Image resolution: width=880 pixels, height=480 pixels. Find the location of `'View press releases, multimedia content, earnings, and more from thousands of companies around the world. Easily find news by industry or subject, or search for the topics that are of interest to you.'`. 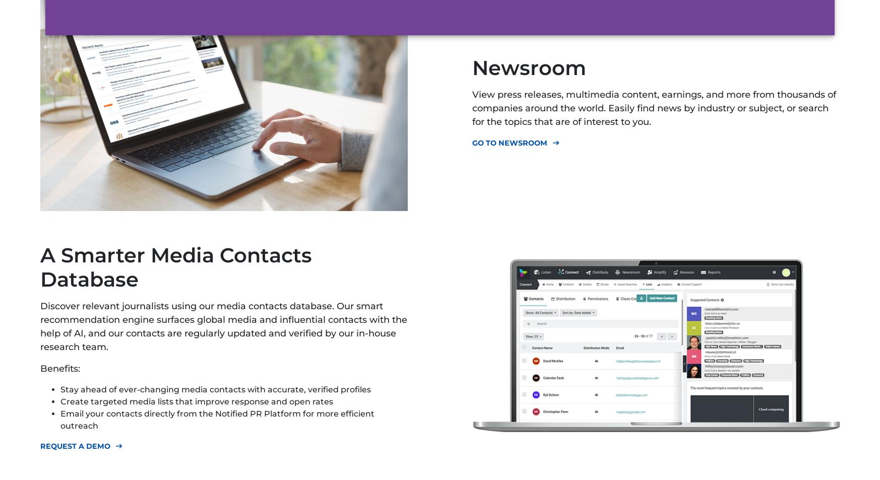

'View press releases, multimedia content, earnings, and more from thousands of companies around the world. Easily find news by industry or subject, or search for the topics that are of interest to you.' is located at coordinates (653, 107).